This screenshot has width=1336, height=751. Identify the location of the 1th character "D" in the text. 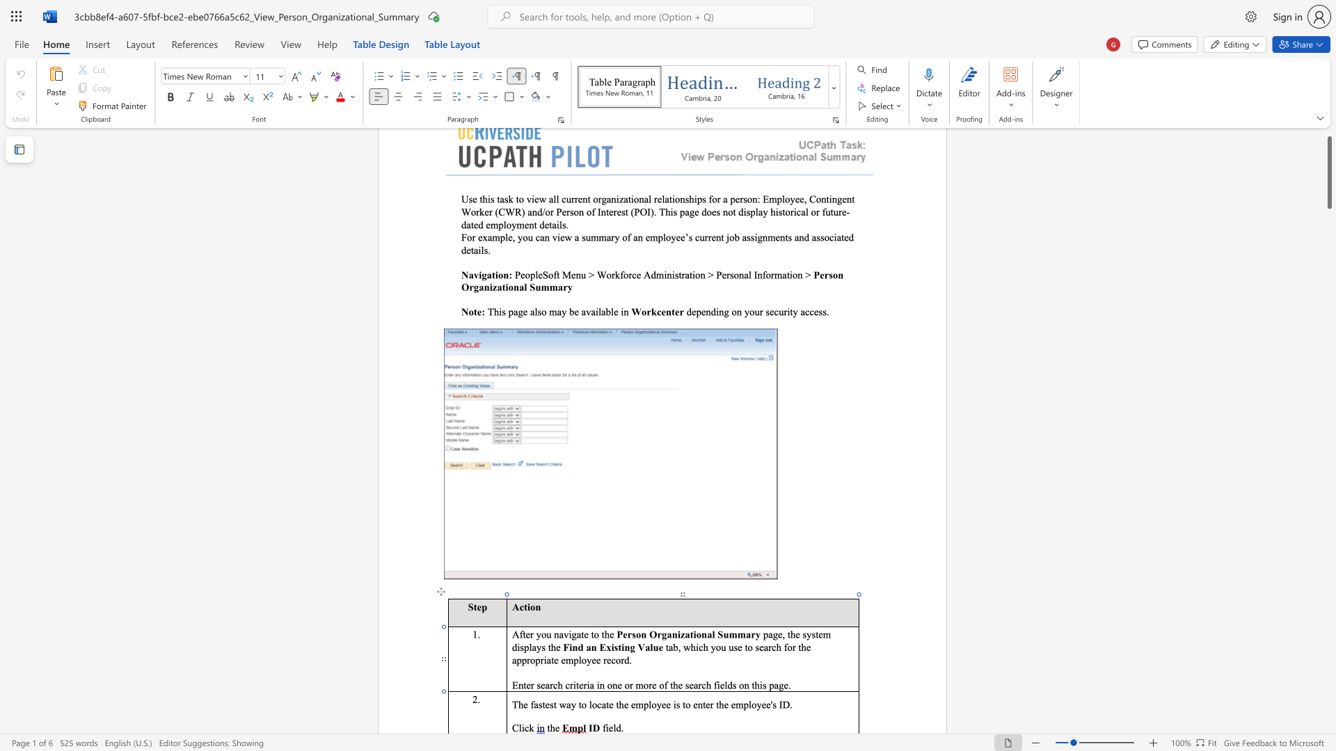
(786, 704).